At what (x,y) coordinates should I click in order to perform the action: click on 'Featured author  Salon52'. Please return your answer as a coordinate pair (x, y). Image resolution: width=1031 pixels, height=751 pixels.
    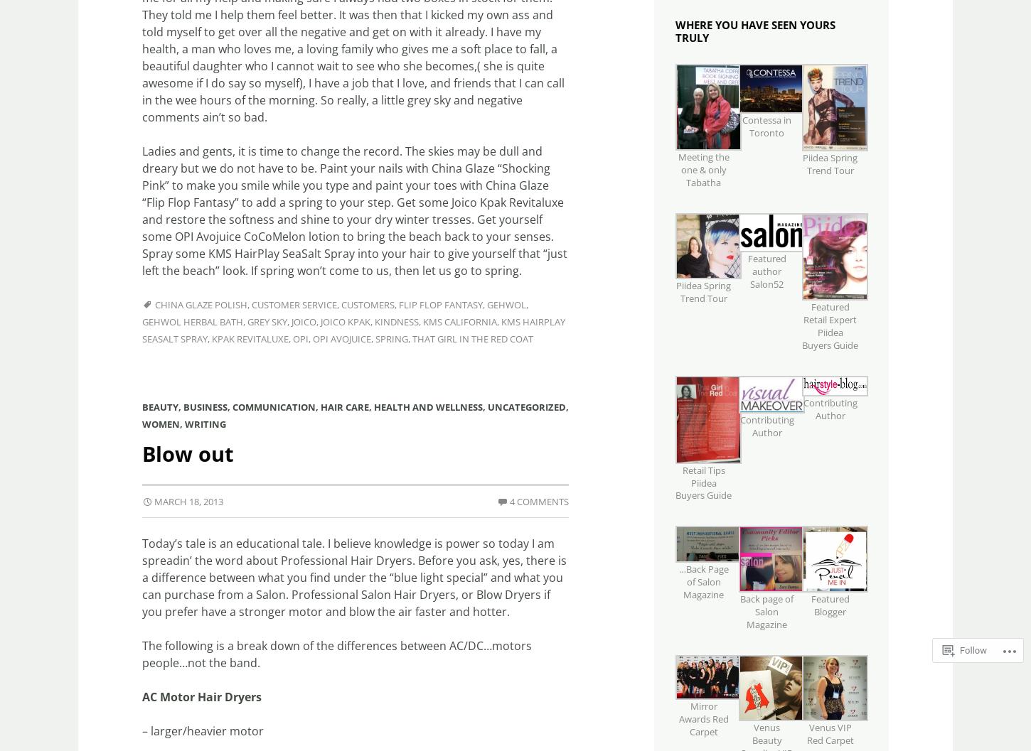
    Looking at the image, I should click on (766, 270).